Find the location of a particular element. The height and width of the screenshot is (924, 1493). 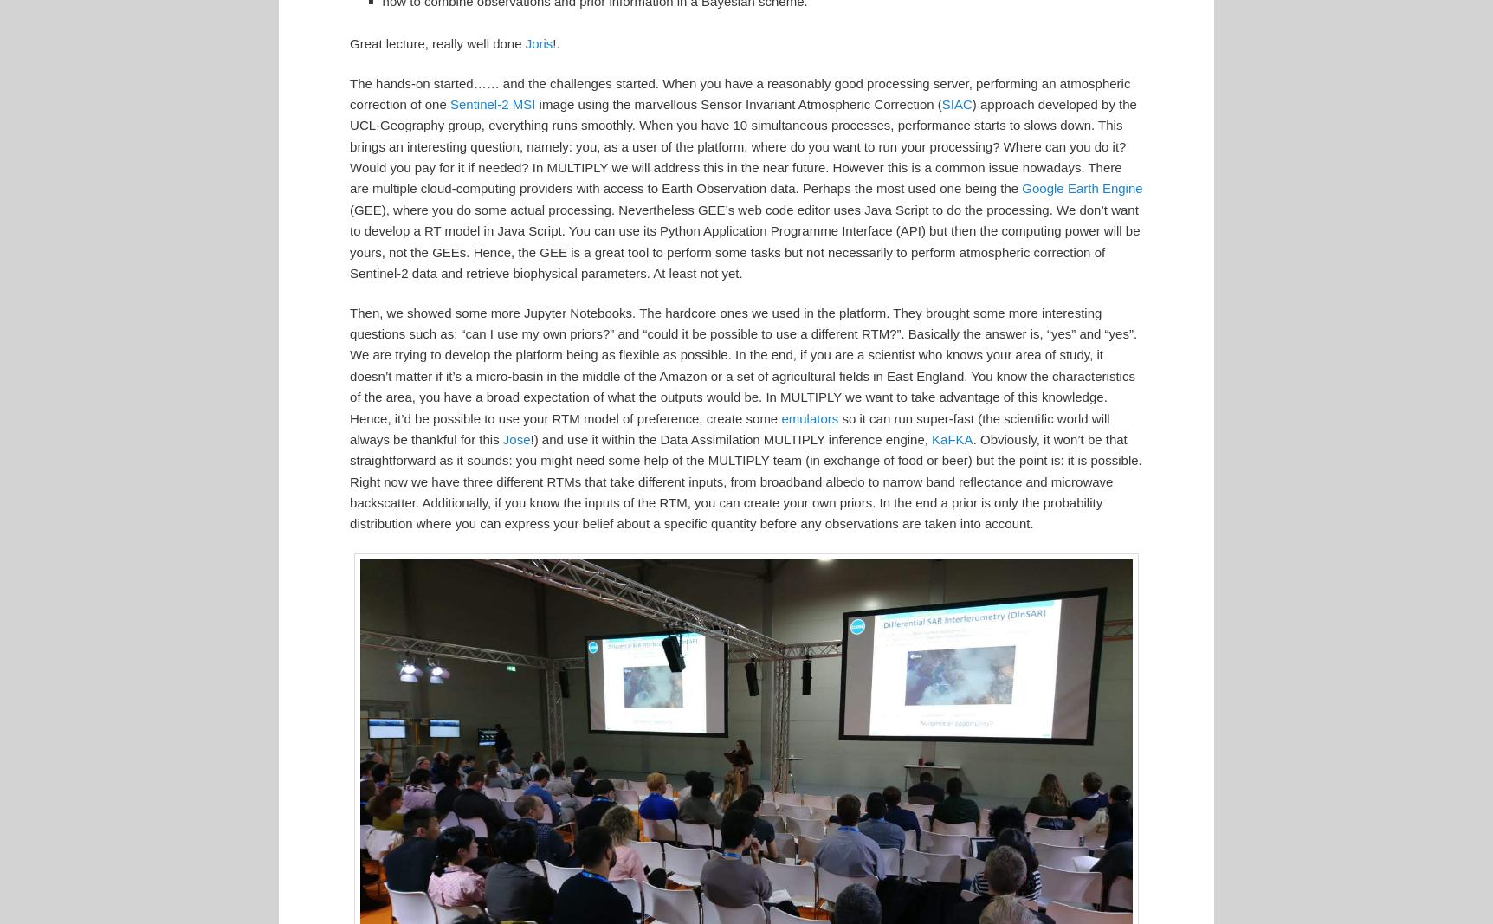

'image using the marvellous Sensor Invariant Atmospheric Correction (' is located at coordinates (737, 102).